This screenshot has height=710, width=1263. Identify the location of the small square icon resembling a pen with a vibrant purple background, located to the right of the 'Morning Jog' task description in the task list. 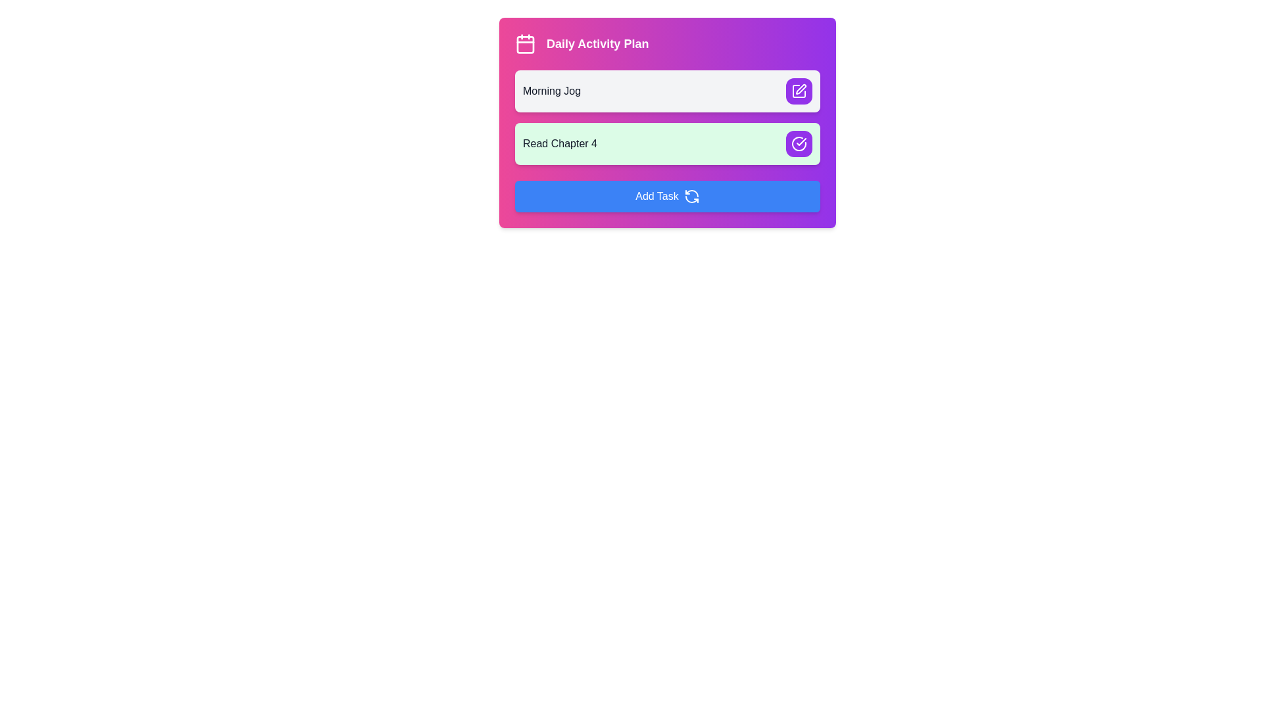
(798, 90).